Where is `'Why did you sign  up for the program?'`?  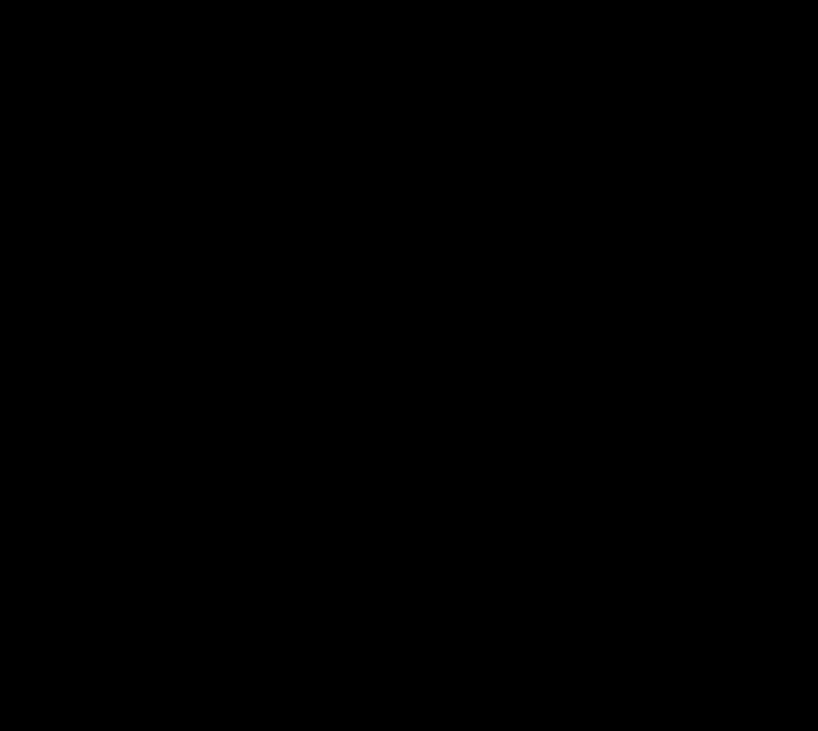 'Why did you sign  up for the program?' is located at coordinates (273, 444).